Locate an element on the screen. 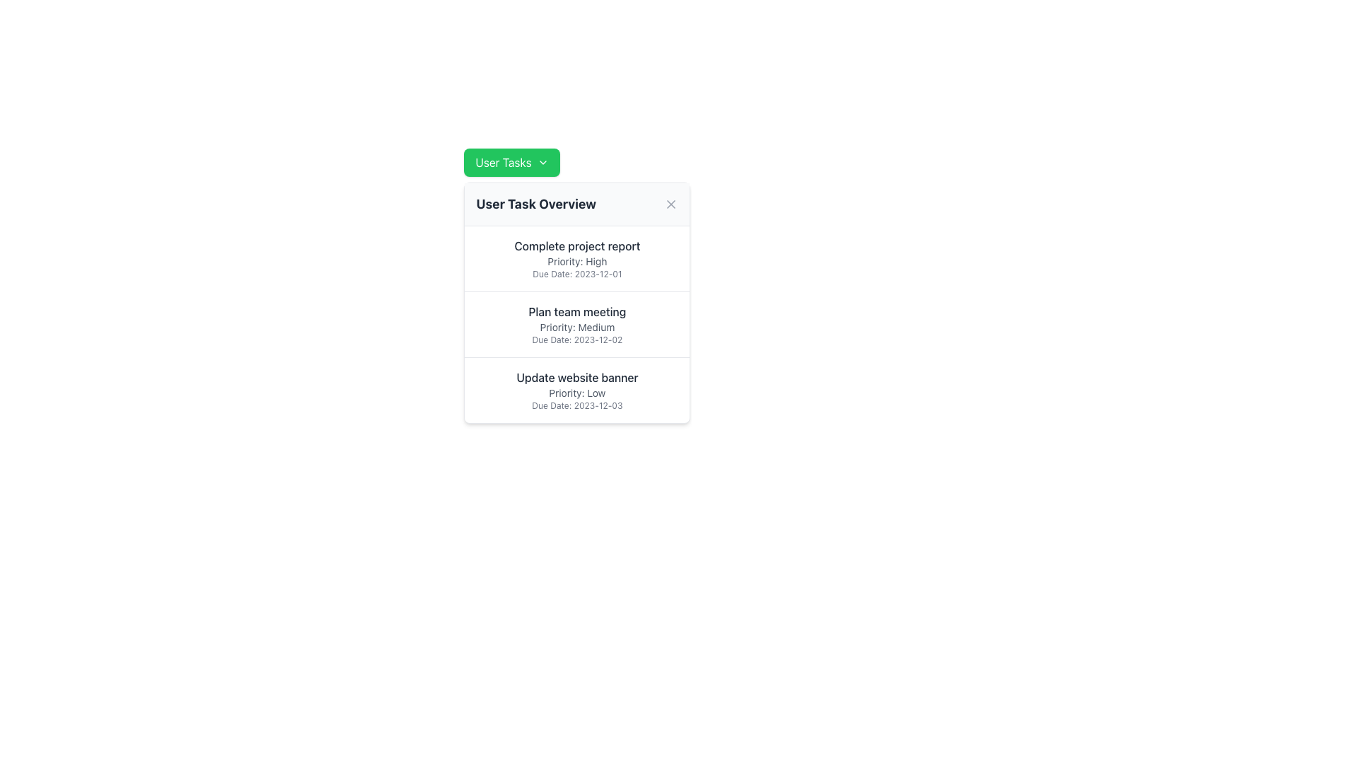 This screenshot has height=764, width=1358. the 'Priority: High' text label, which is styled with a small font size and light gray color, located beneath 'Complete project report' in the first task card of the 'User Task Overview' dialog is located at coordinates (577, 262).